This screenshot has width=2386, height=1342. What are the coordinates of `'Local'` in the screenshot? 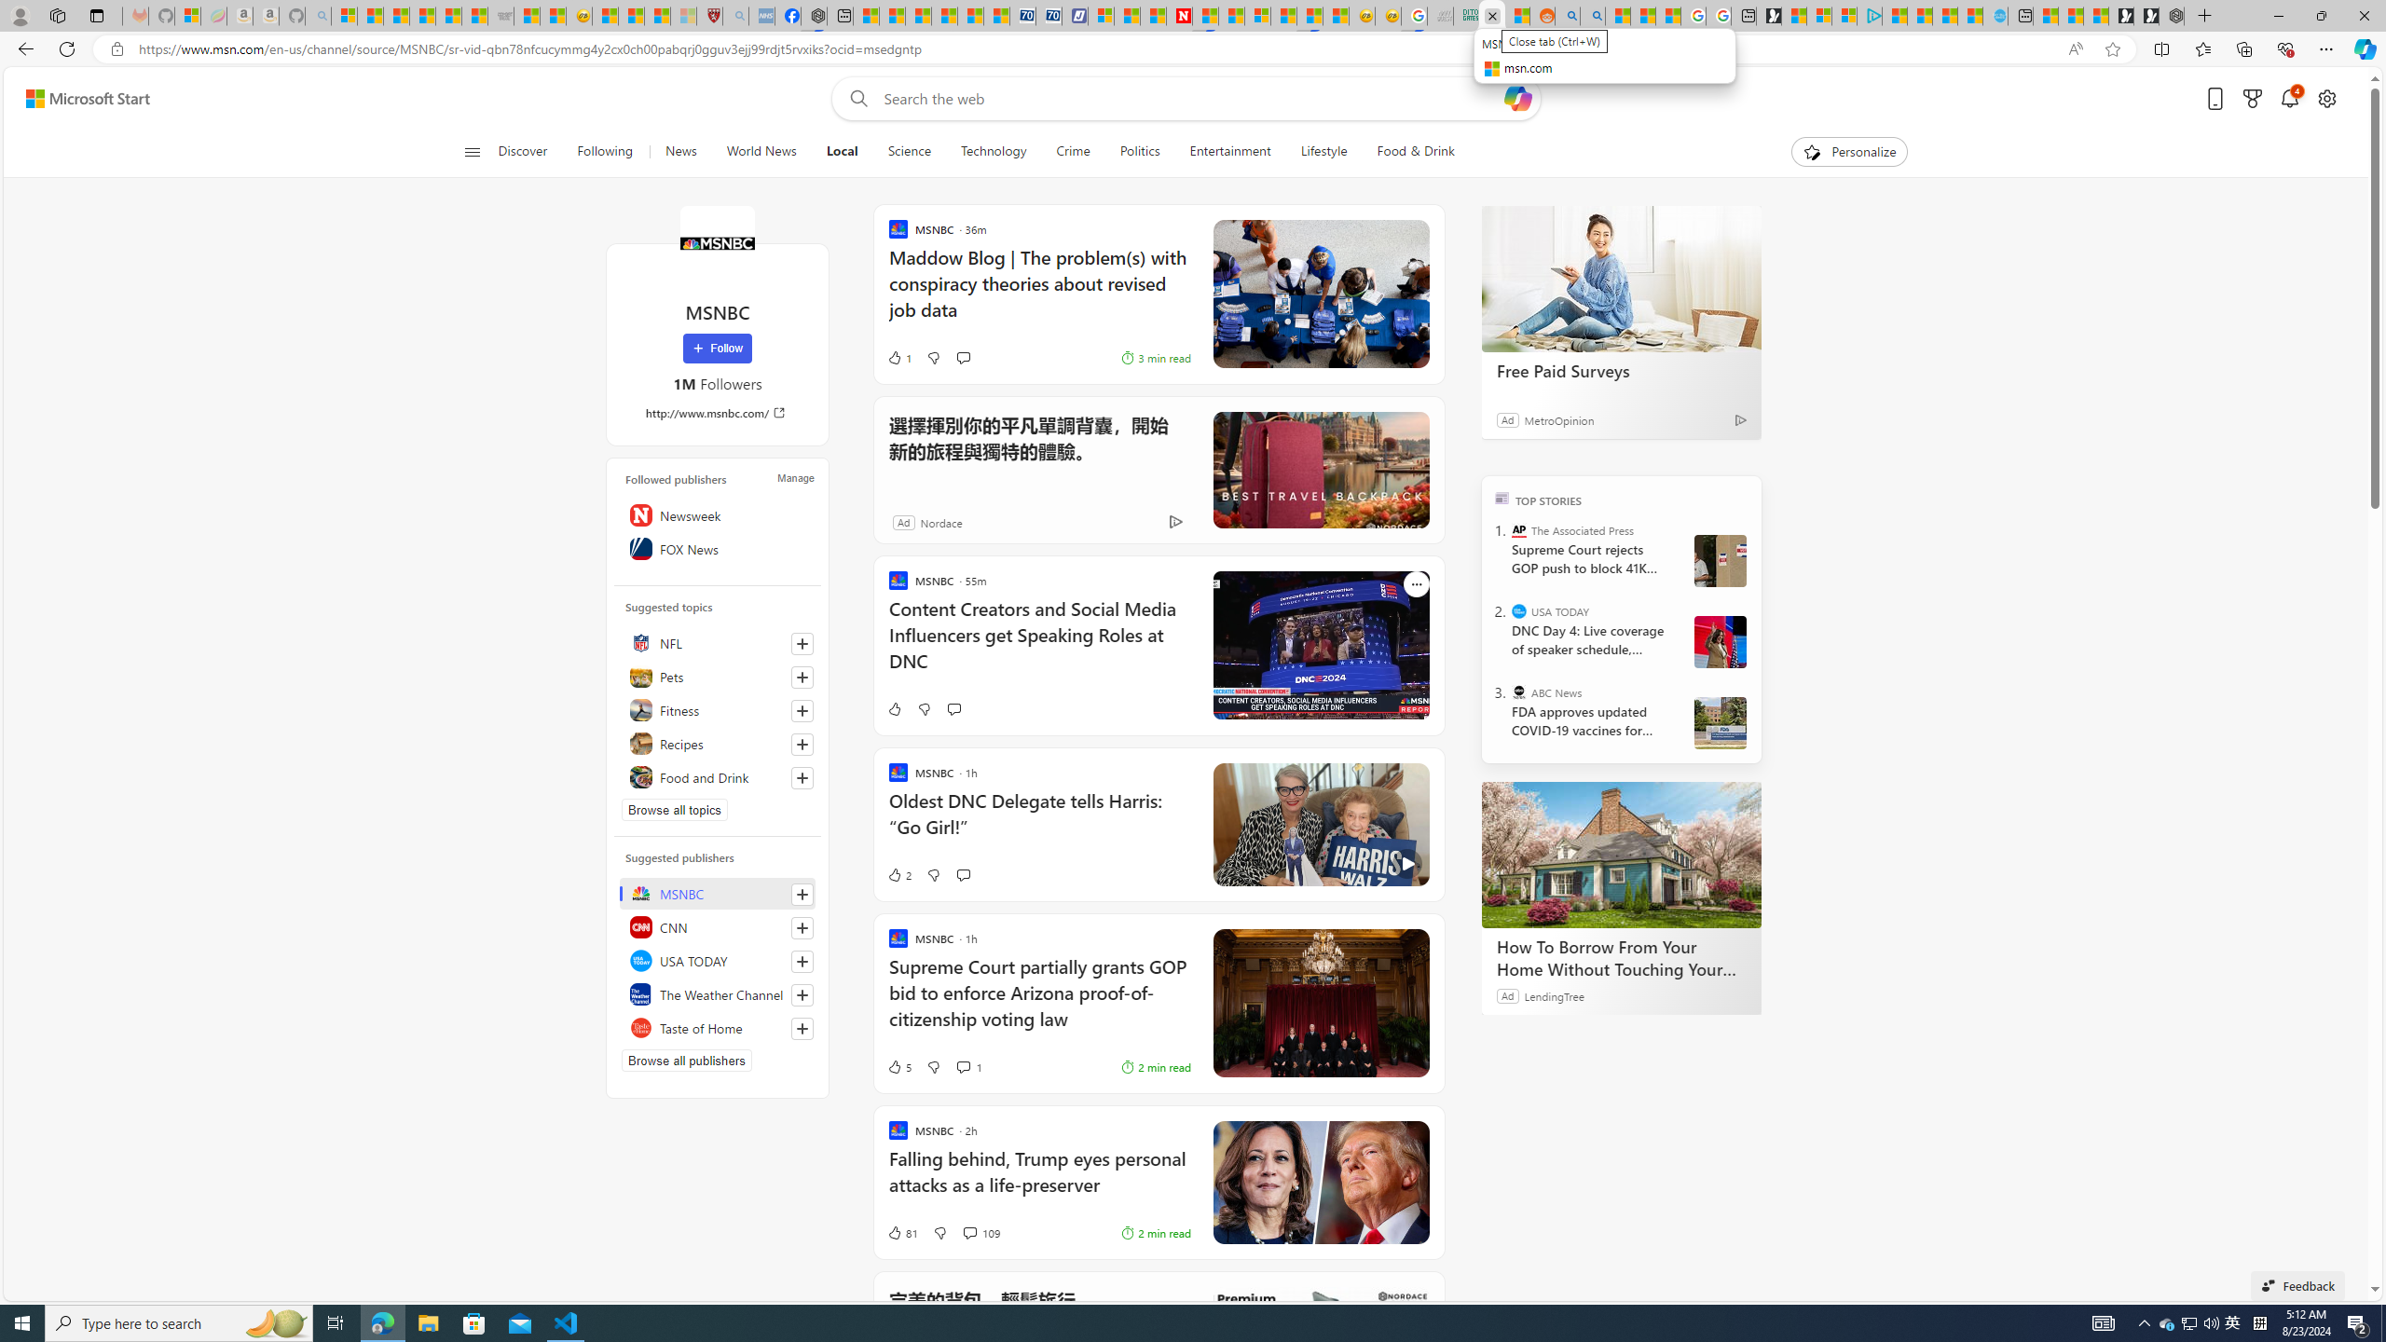 It's located at (841, 151).